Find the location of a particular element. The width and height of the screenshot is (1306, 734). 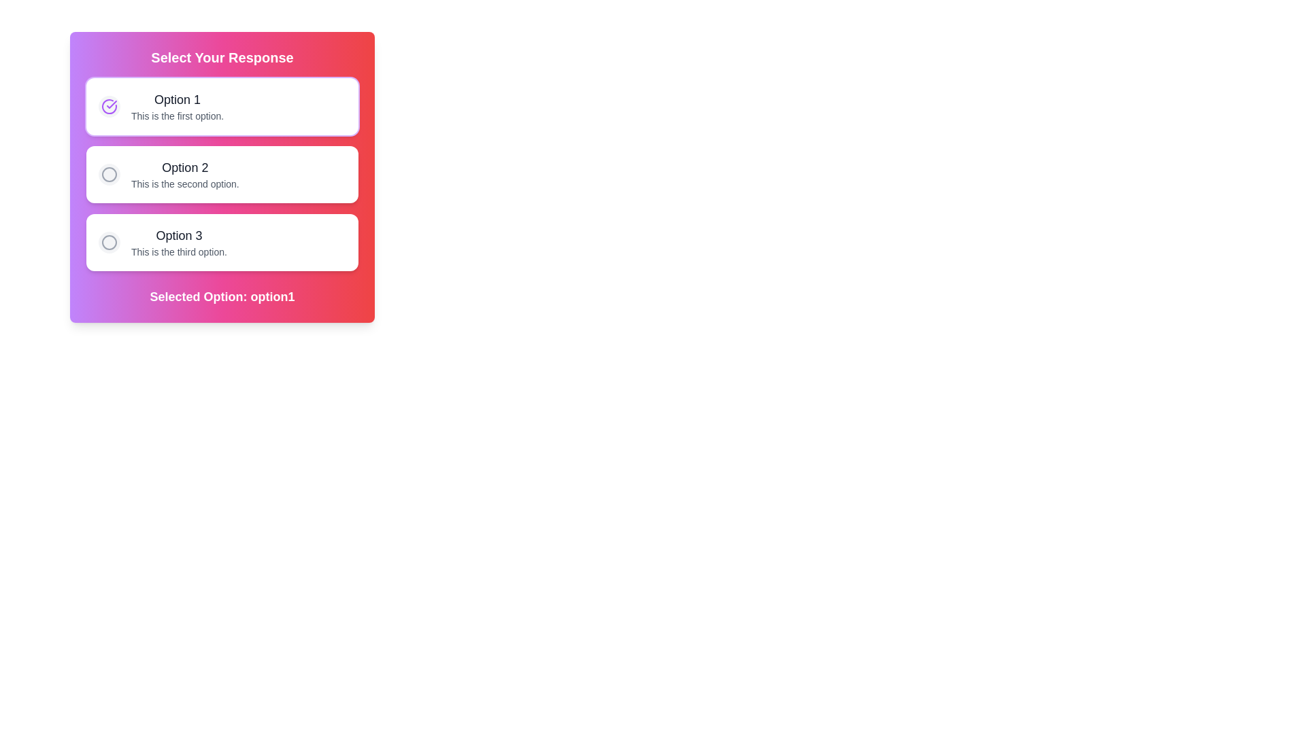

the gray circular radial indicator located to the left of 'Option 2' in the vertical list of choices is located at coordinates (110, 174).